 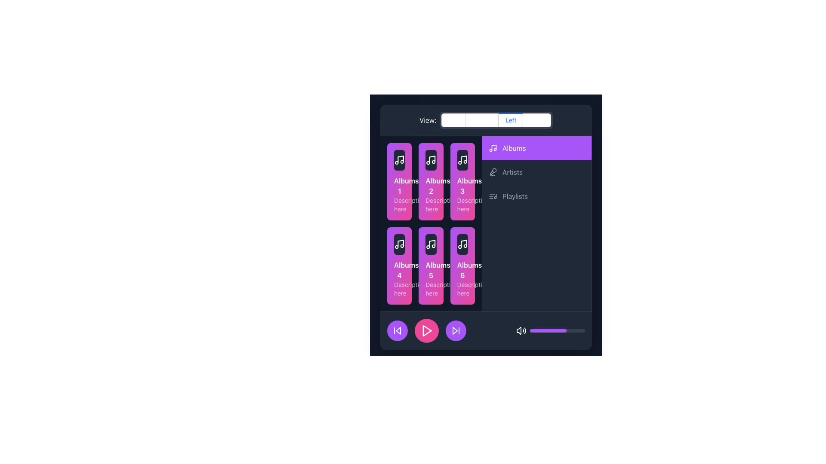 I want to click on the radio button group options labeled 'Top', 'Bottom', 'Left', and 'Right', so click(x=496, y=120).